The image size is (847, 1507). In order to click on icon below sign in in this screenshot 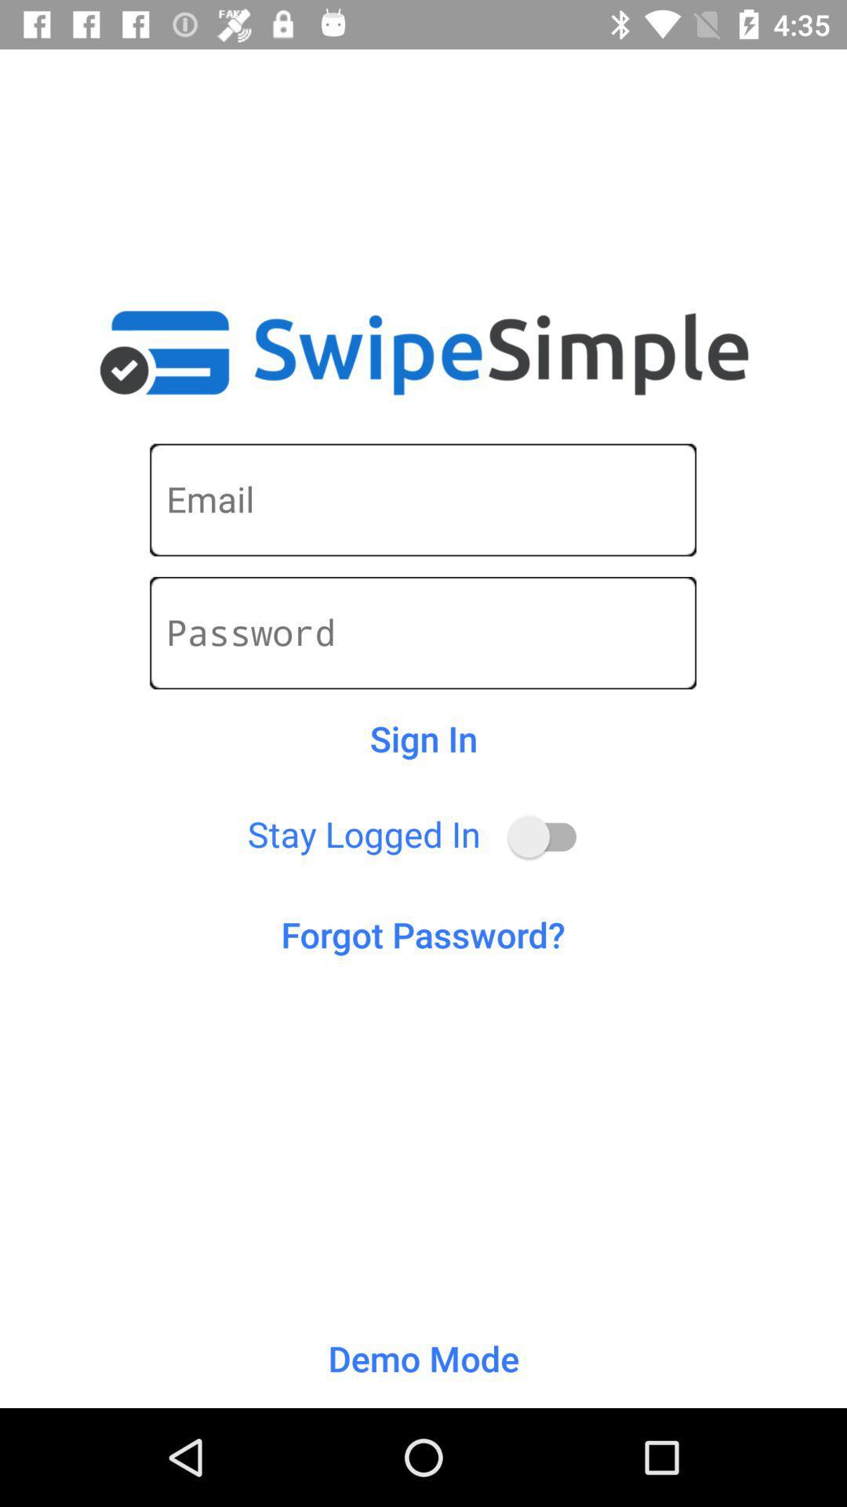, I will do `click(549, 836)`.